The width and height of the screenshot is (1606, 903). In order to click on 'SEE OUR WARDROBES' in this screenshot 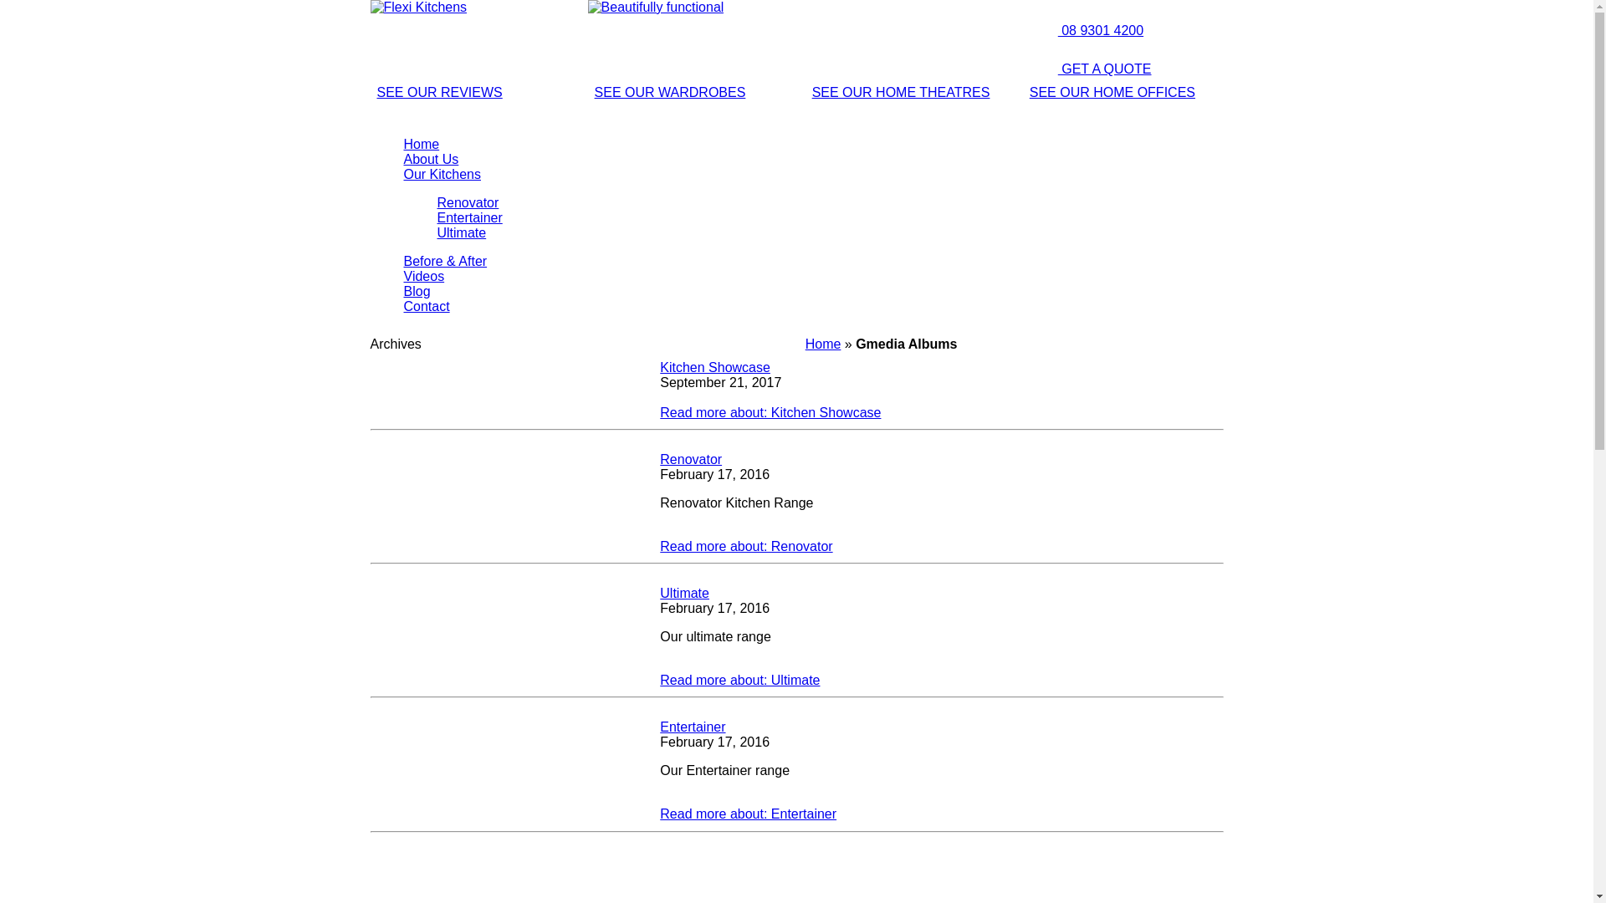, I will do `click(670, 92)`.